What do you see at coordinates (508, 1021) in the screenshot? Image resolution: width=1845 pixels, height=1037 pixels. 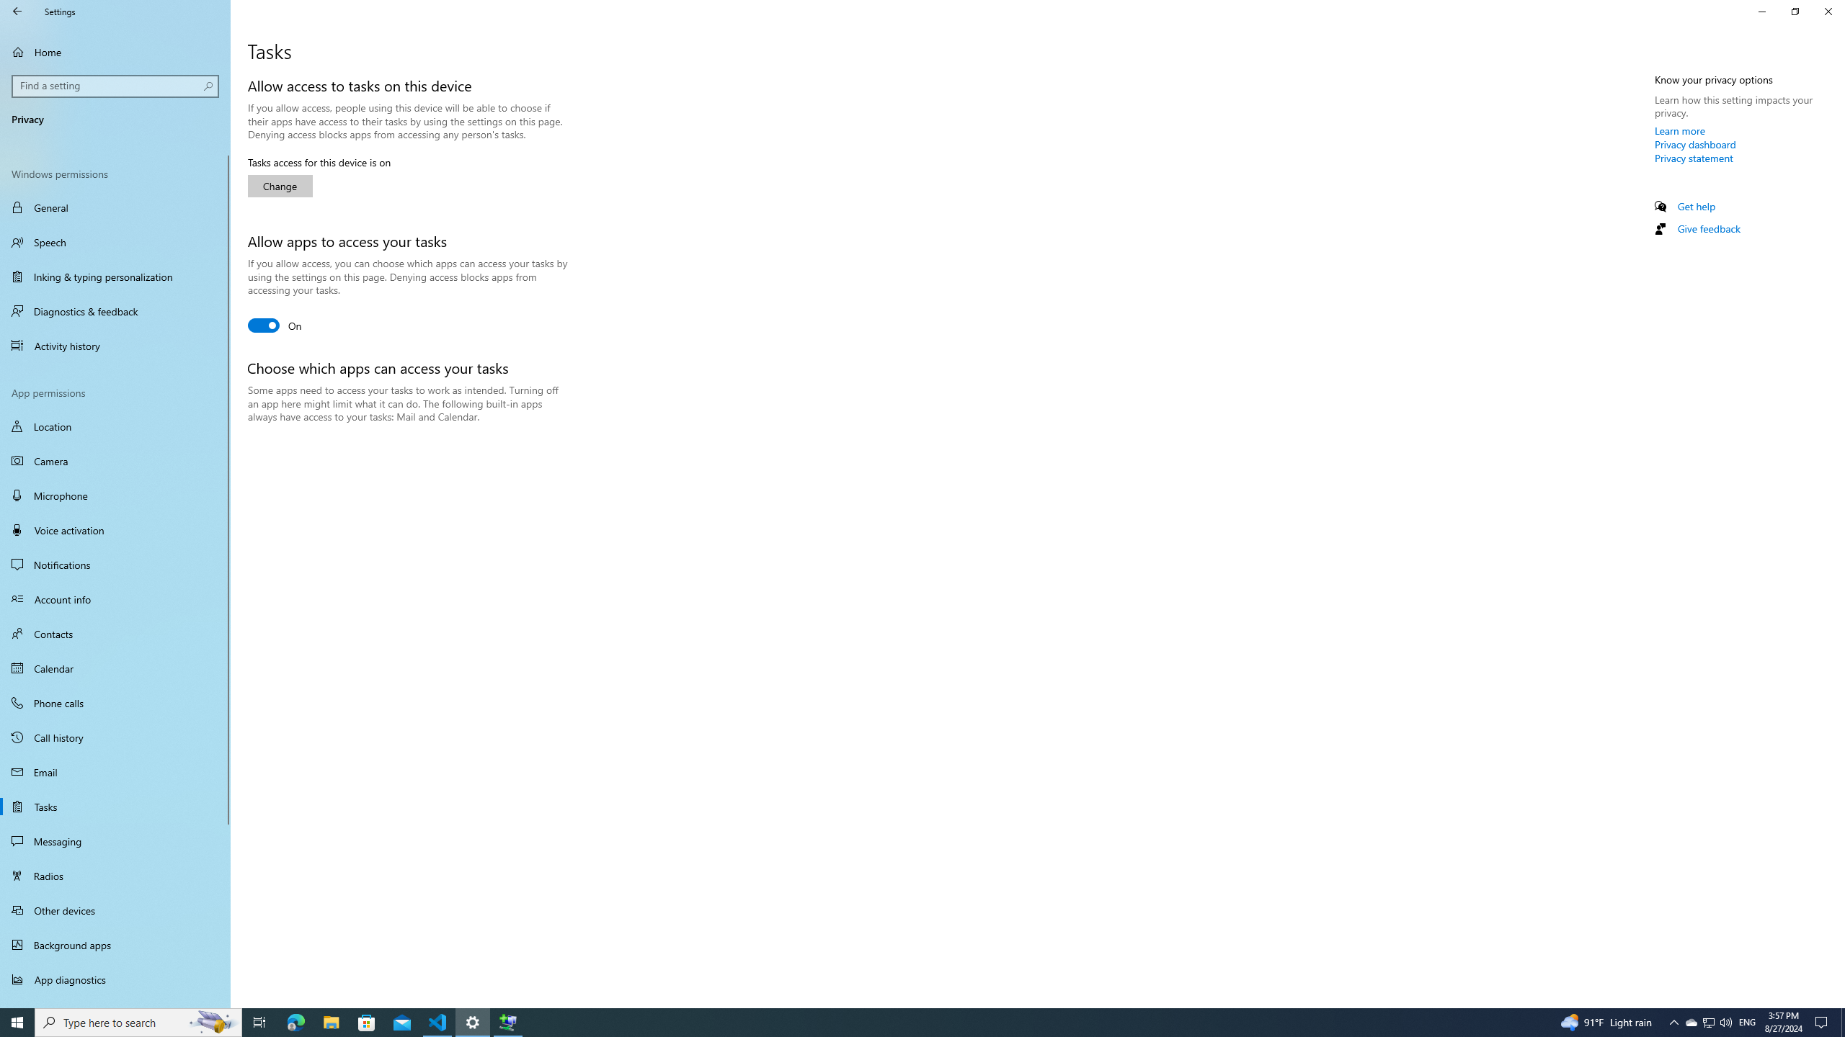 I see `'Extensible Wizards Host Process - 1 running window'` at bounding box center [508, 1021].